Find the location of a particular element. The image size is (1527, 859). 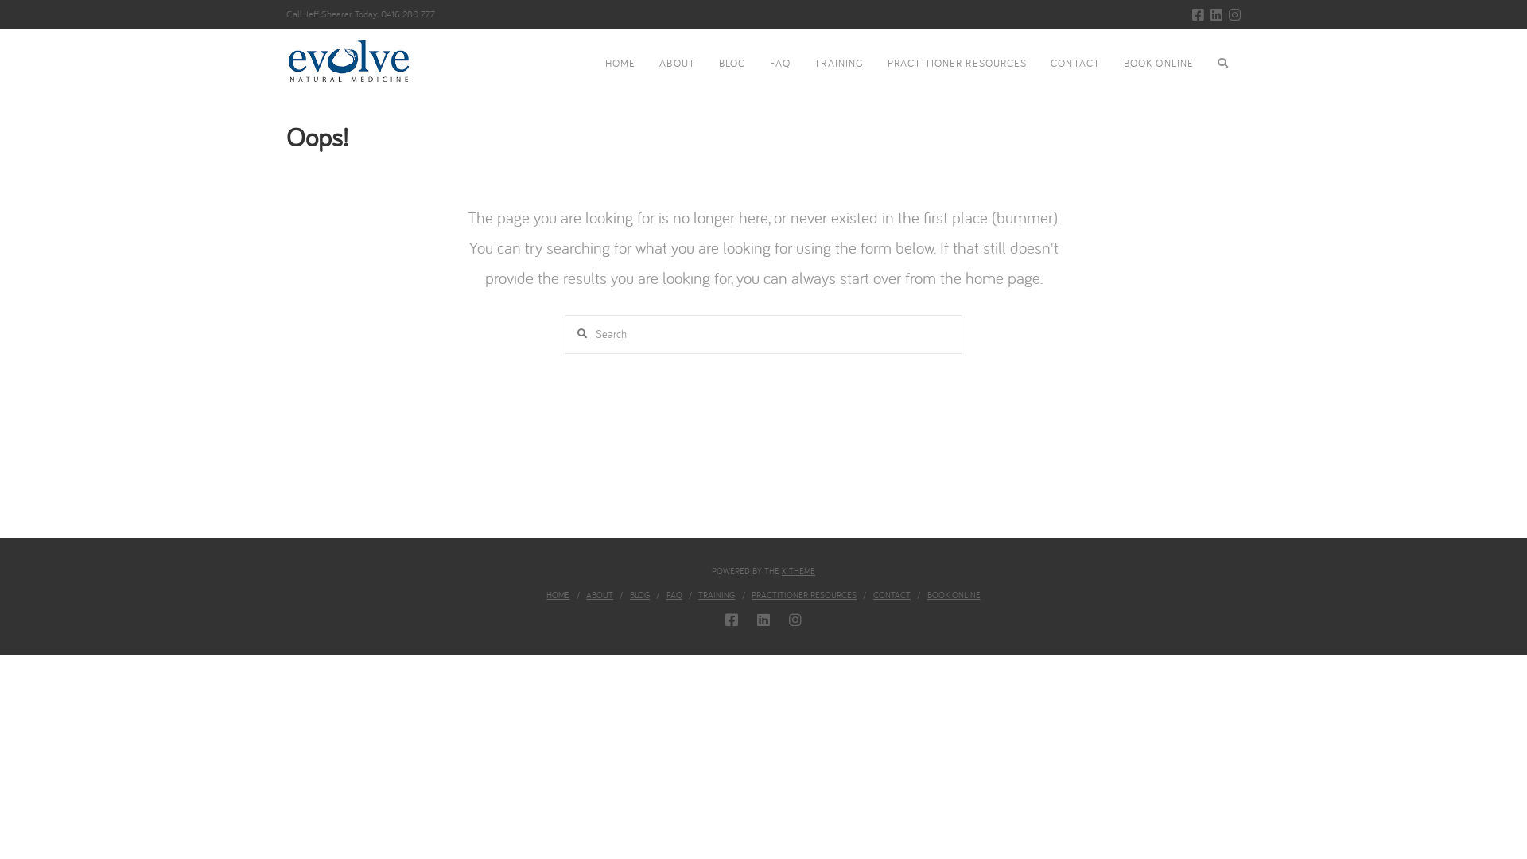

'X THEME' is located at coordinates (782, 569).